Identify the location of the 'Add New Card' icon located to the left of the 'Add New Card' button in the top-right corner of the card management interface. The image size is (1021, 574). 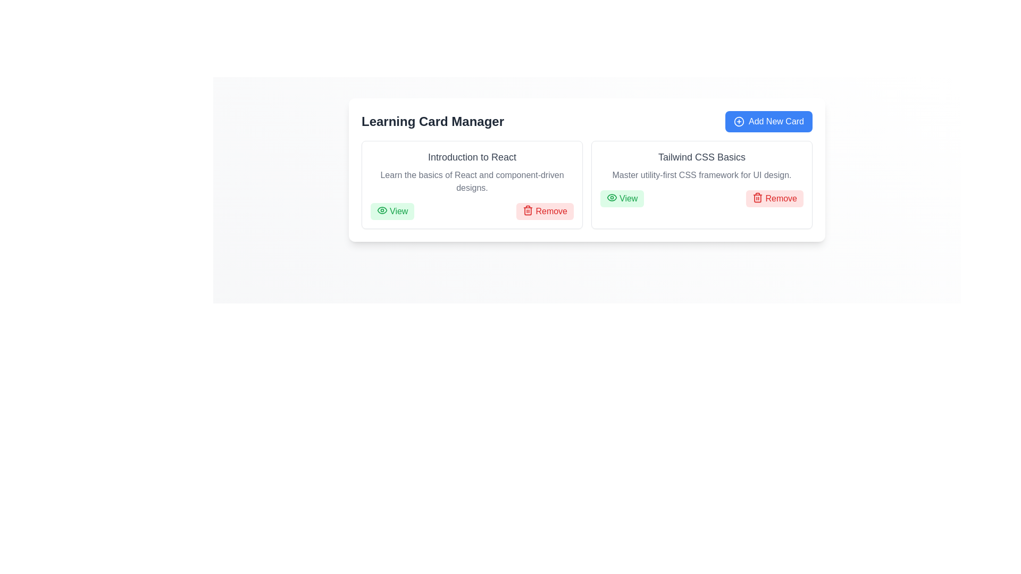
(738, 121).